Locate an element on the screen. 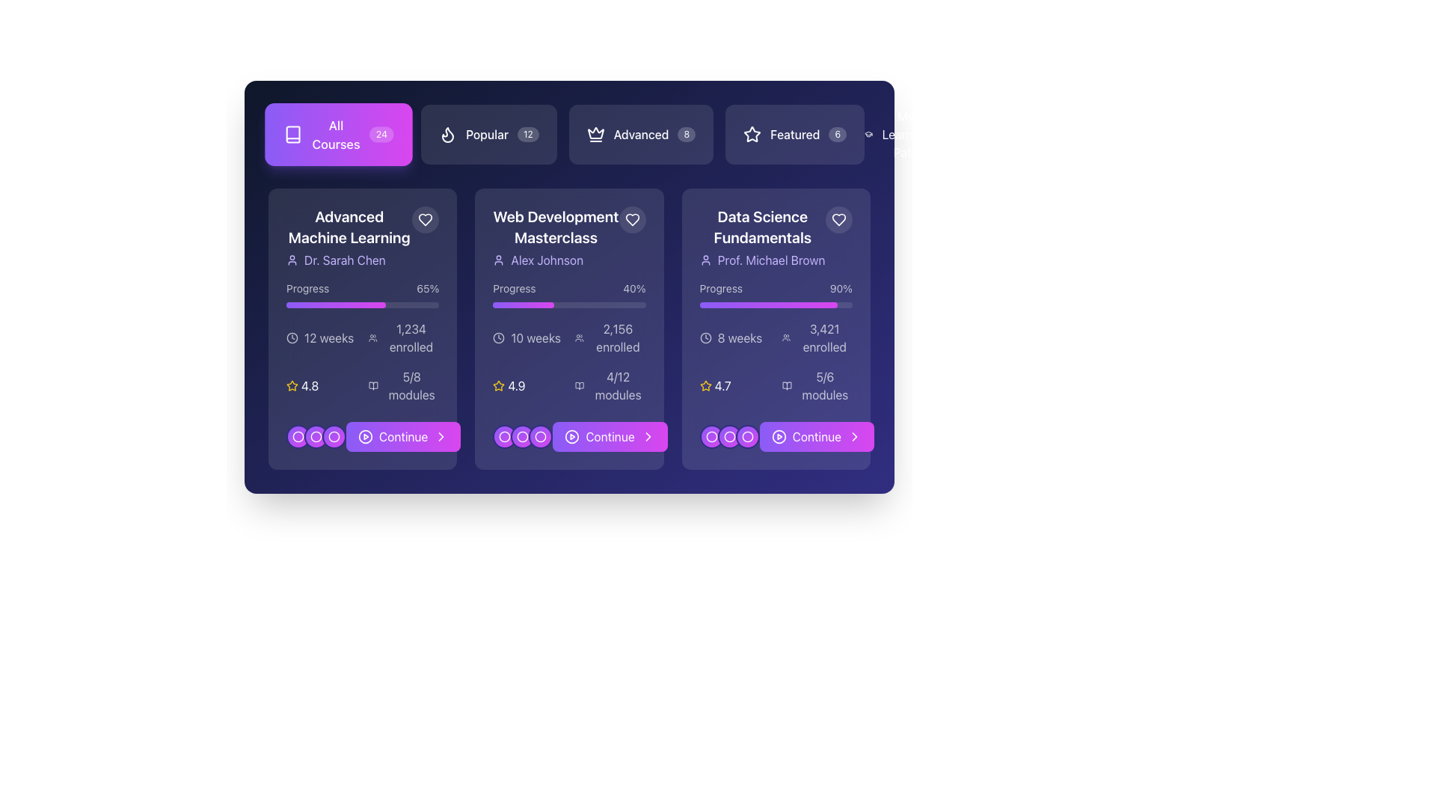 The height and width of the screenshot is (808, 1436). the third circular status indicator icon located at the bottom of the 'Data Science Fundamentals' card is located at coordinates (747, 436).